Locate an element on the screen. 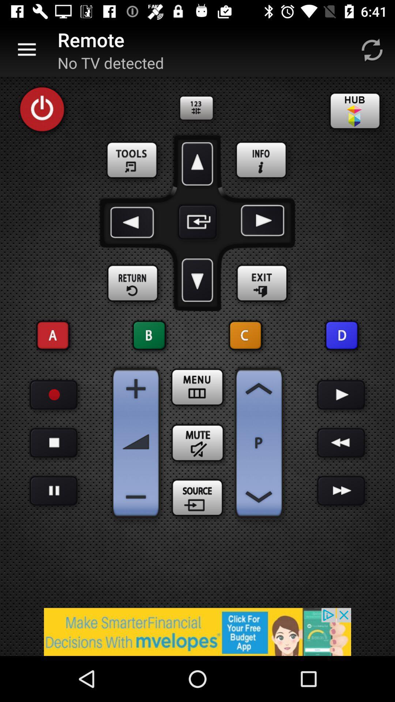  up is located at coordinates (197, 163).